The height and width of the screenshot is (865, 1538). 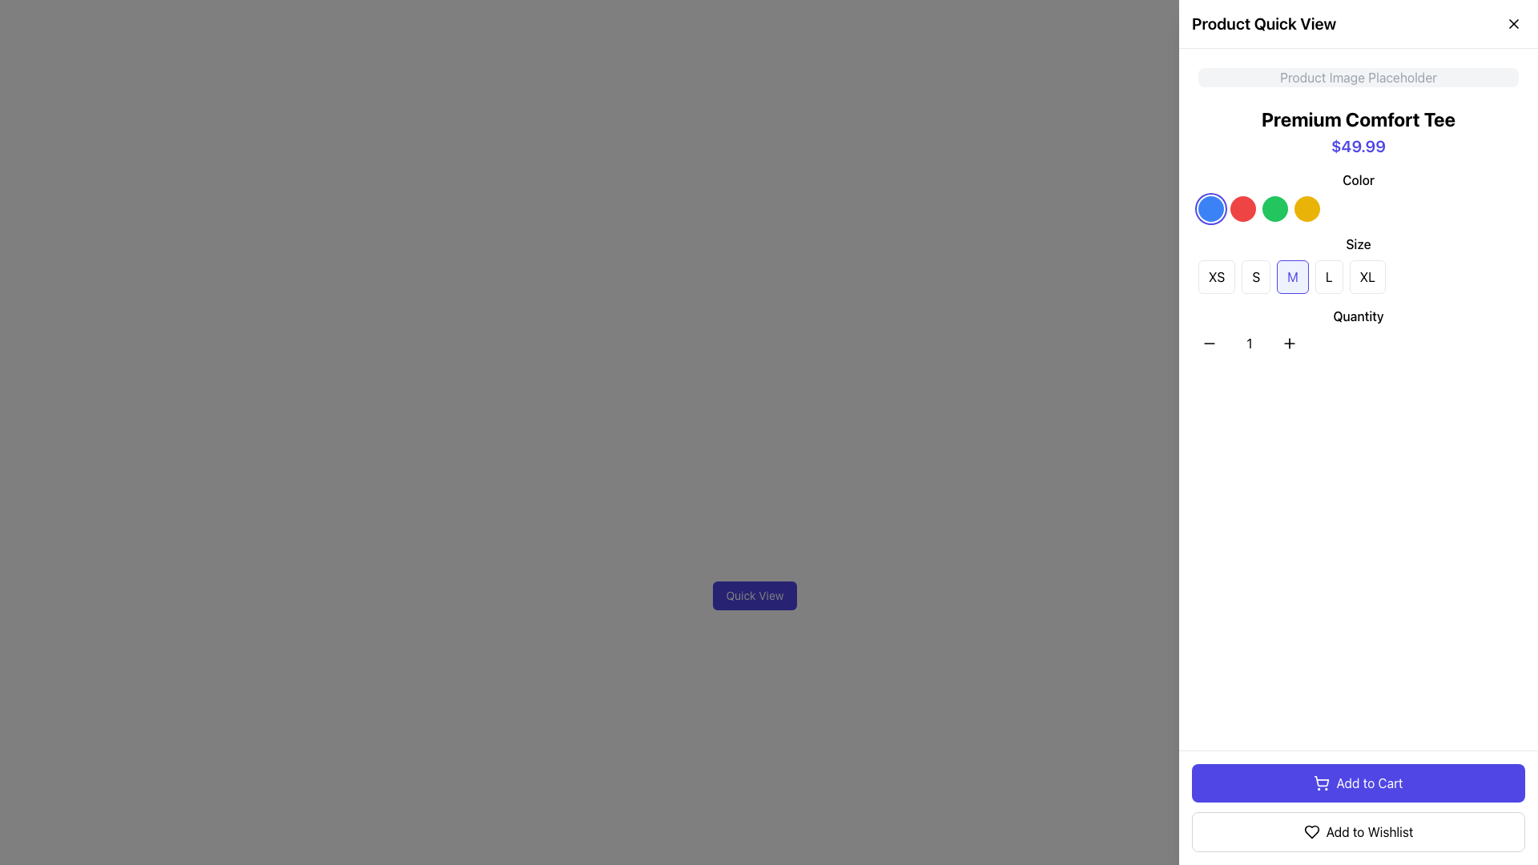 I want to click on the plus icon button in the quantity selector area under the 'Quantity' label, so click(x=1289, y=342).